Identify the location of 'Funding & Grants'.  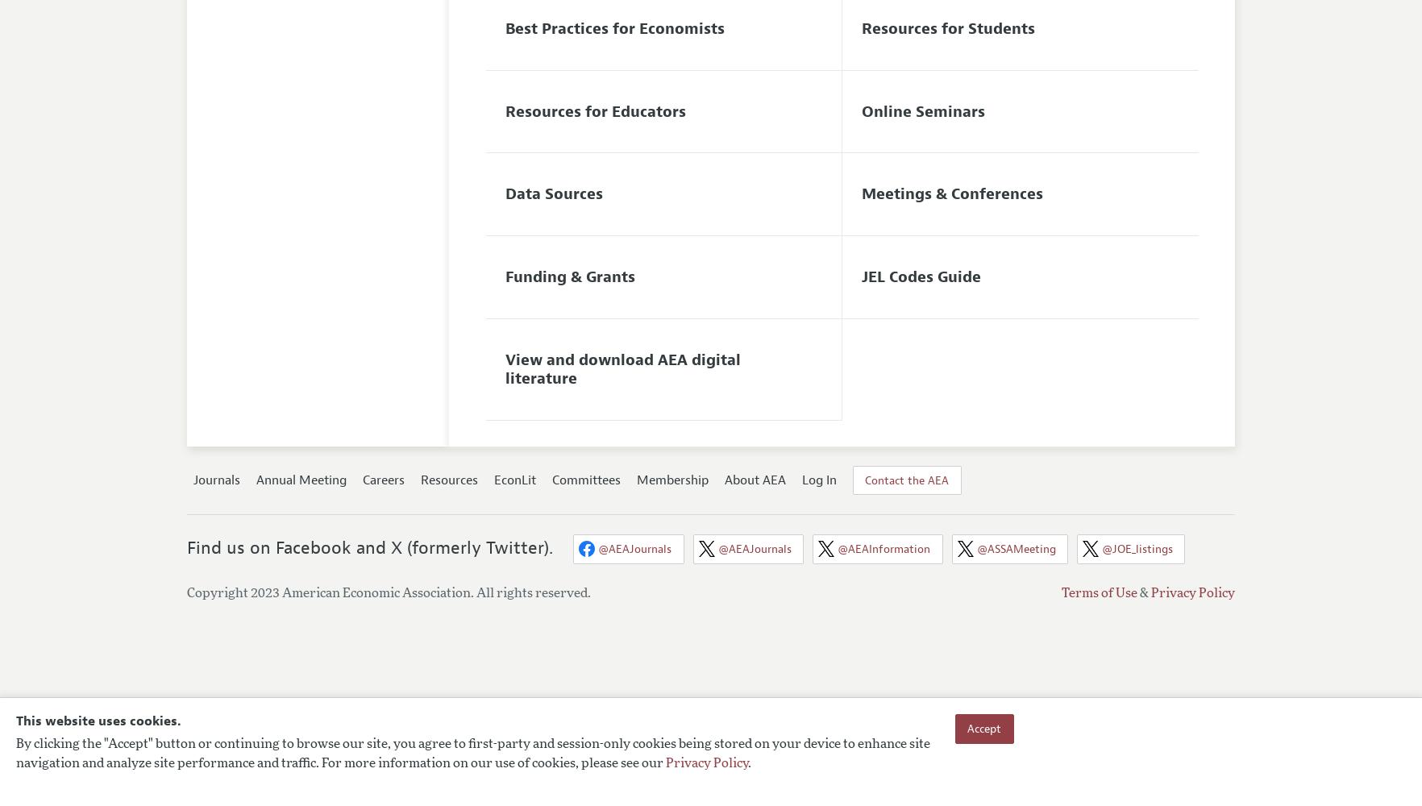
(505, 276).